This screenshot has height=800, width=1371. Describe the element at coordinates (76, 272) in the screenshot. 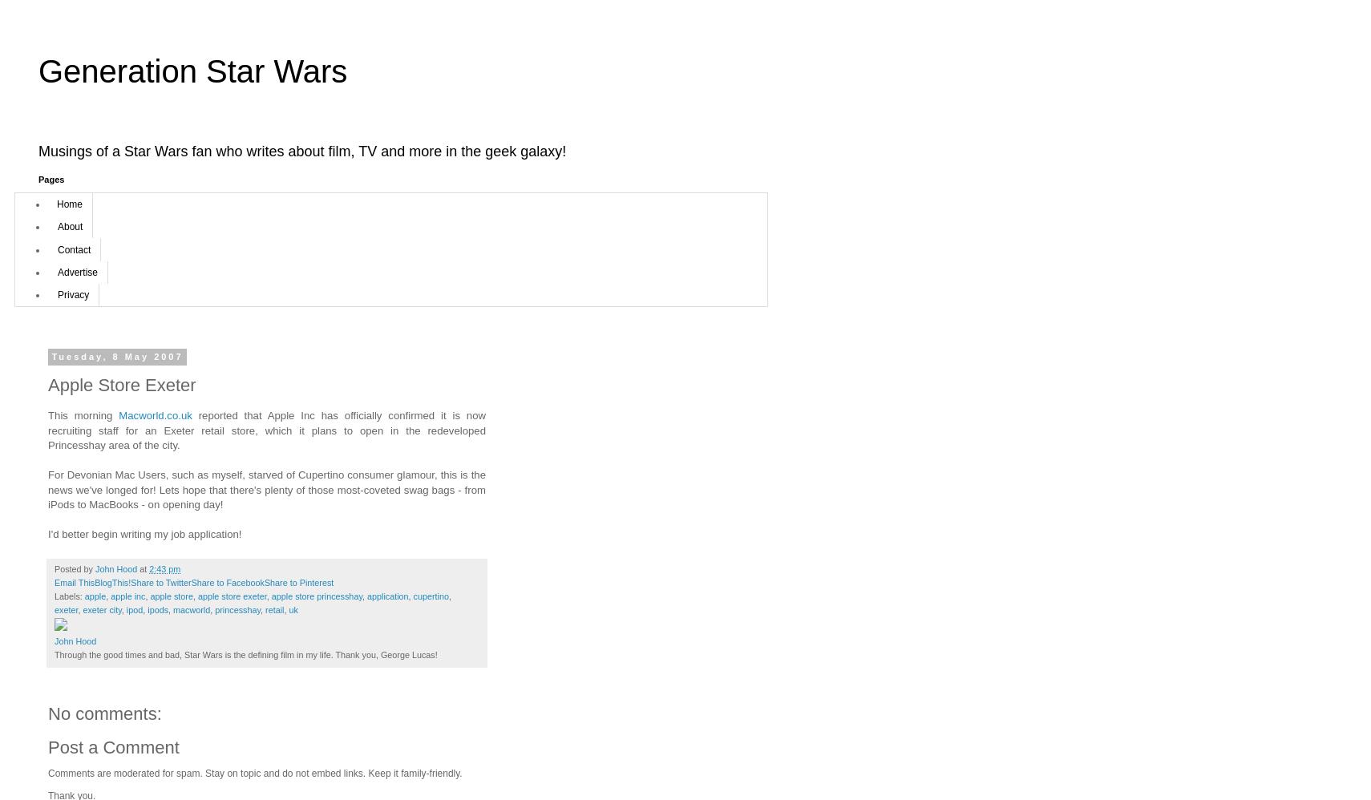

I see `'Advertise'` at that location.